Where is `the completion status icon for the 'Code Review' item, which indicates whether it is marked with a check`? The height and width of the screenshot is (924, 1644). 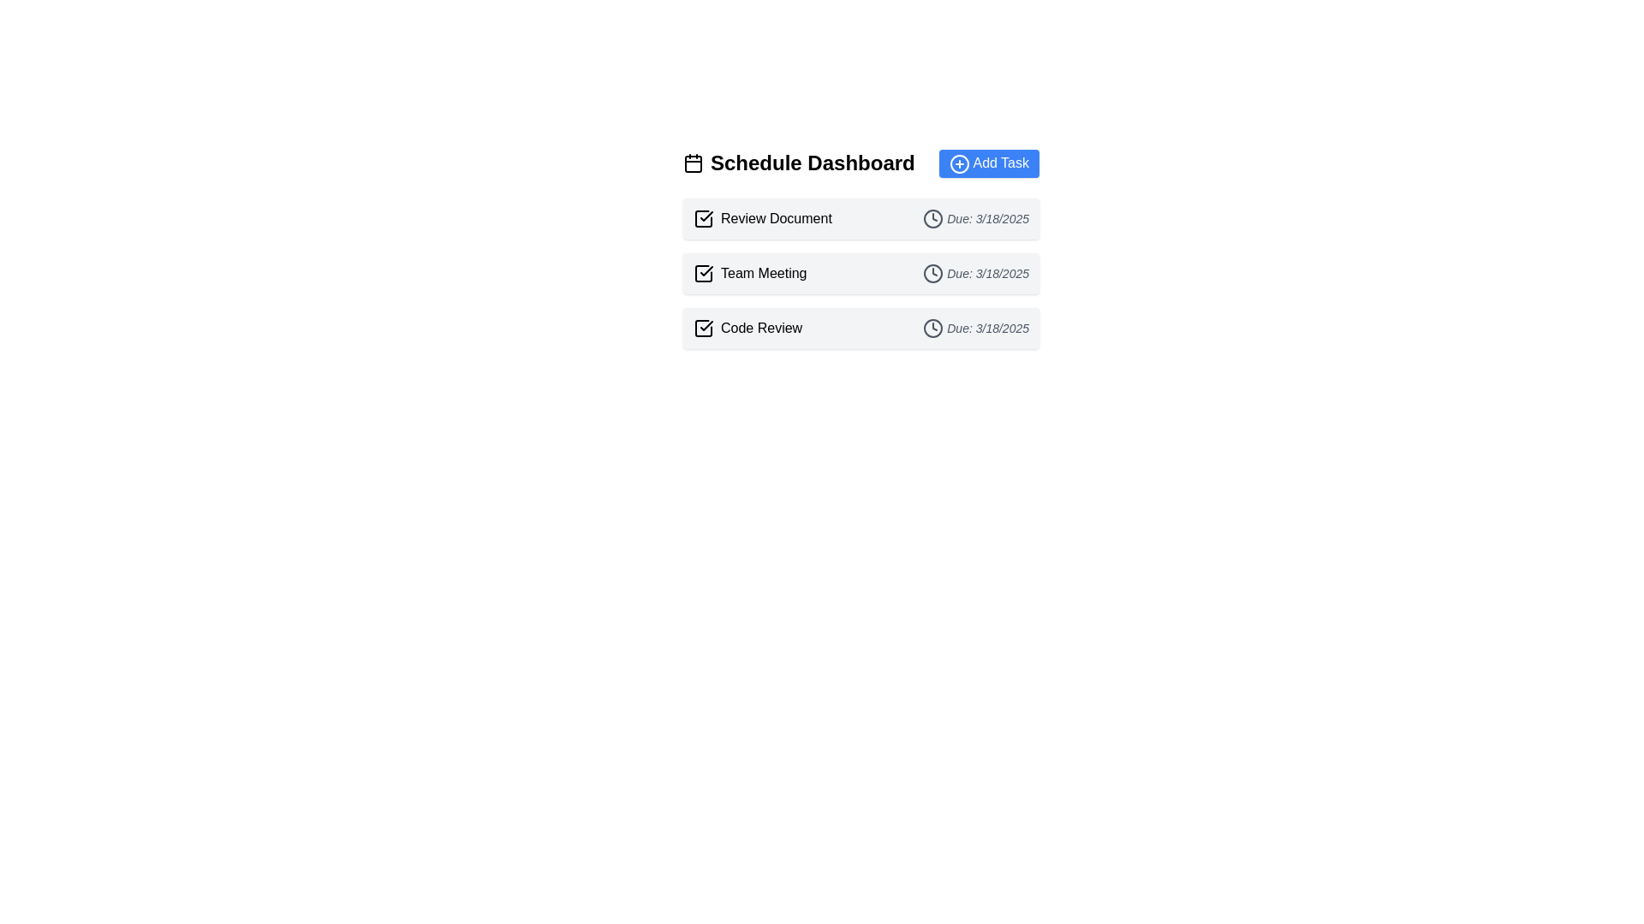
the completion status icon for the 'Code Review' item, which indicates whether it is marked with a check is located at coordinates (703, 327).